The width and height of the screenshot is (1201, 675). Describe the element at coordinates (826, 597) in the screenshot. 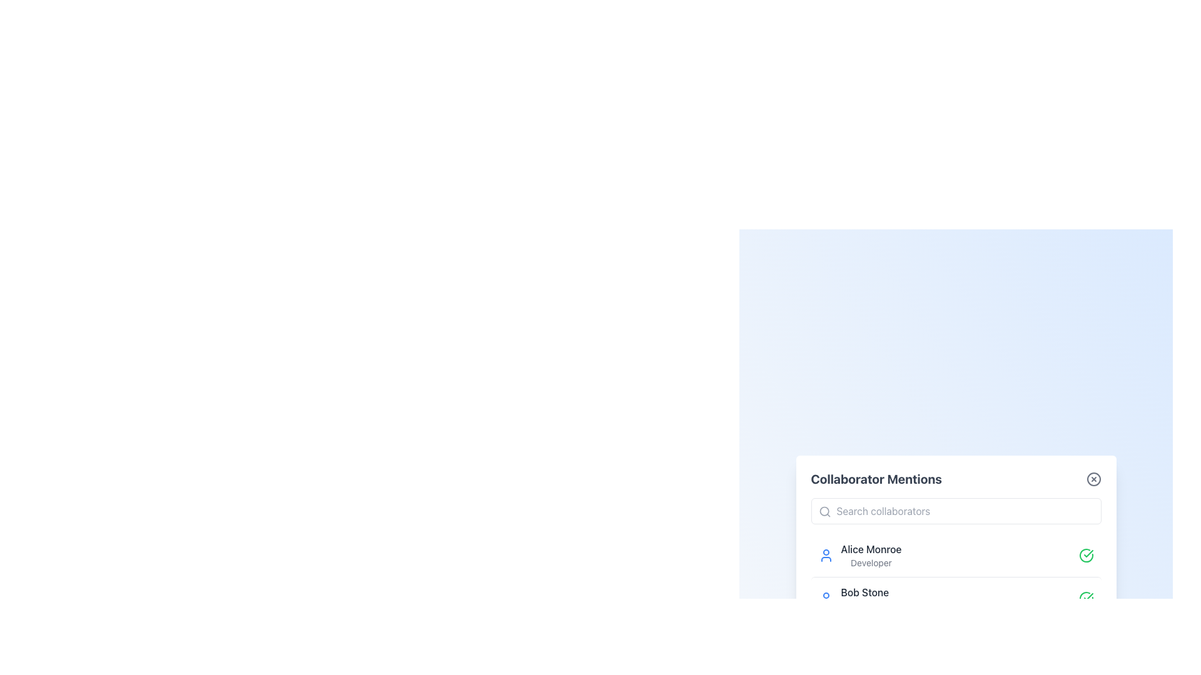

I see `the user icon depicted as a blue line drawing of a person, positioned to the left of the text 'Bob Stone' in the entry row` at that location.